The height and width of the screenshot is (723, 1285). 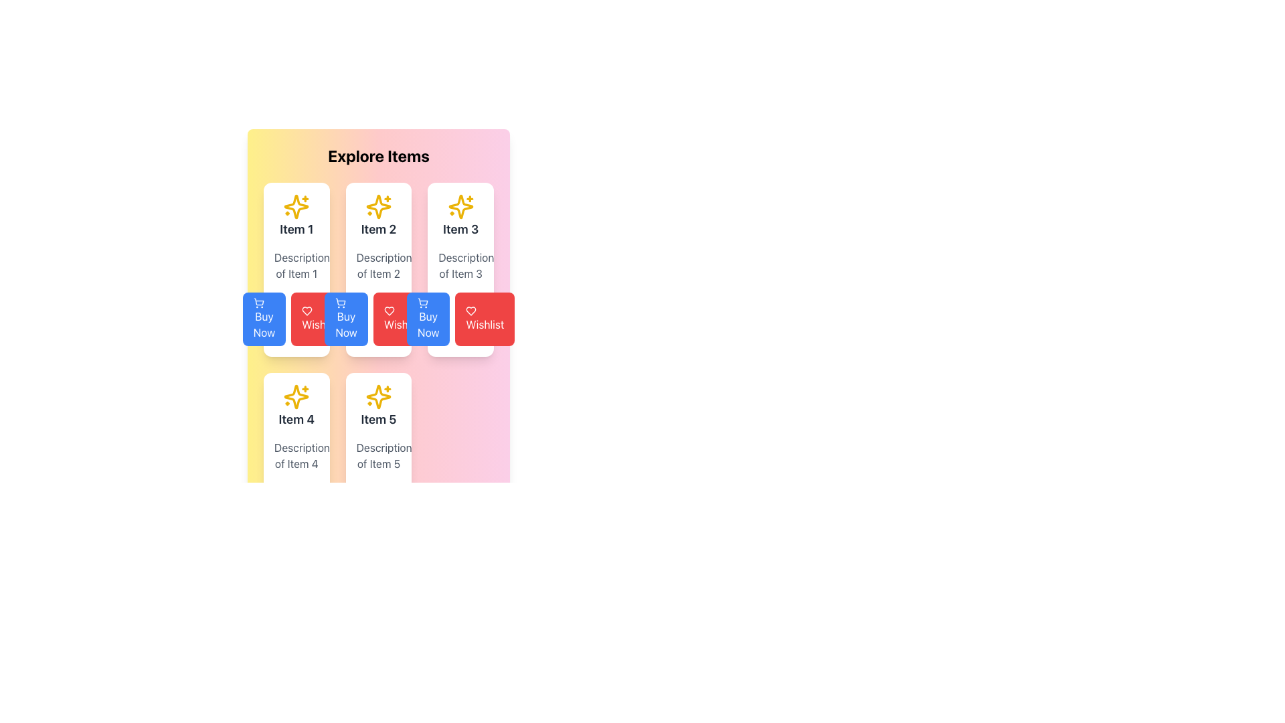 I want to click on the Text Block that describes 'Item 5', located within the card in the second row and second column of the grid, positioned below the item title and above the button group, so click(x=378, y=455).